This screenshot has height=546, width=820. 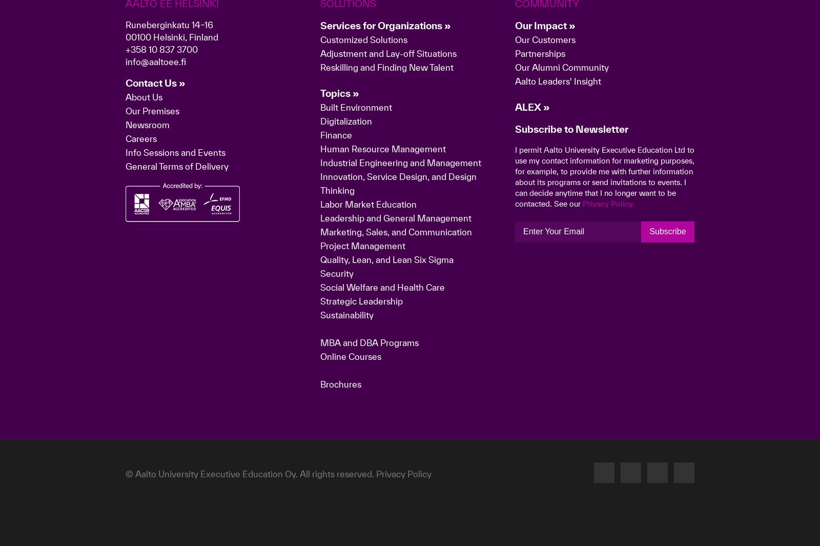 What do you see at coordinates (339, 254) in the screenshot?
I see `'Topics »'` at bounding box center [339, 254].